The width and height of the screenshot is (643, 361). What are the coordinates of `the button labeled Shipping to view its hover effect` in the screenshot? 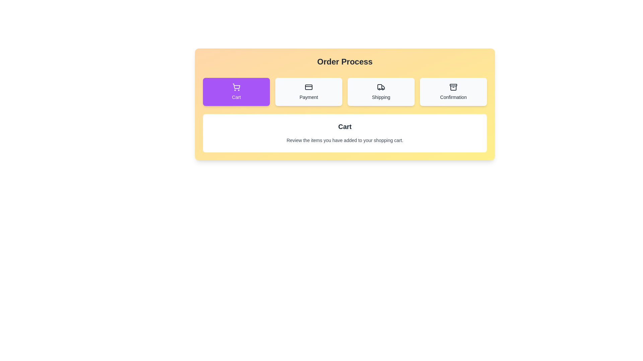 It's located at (381, 92).